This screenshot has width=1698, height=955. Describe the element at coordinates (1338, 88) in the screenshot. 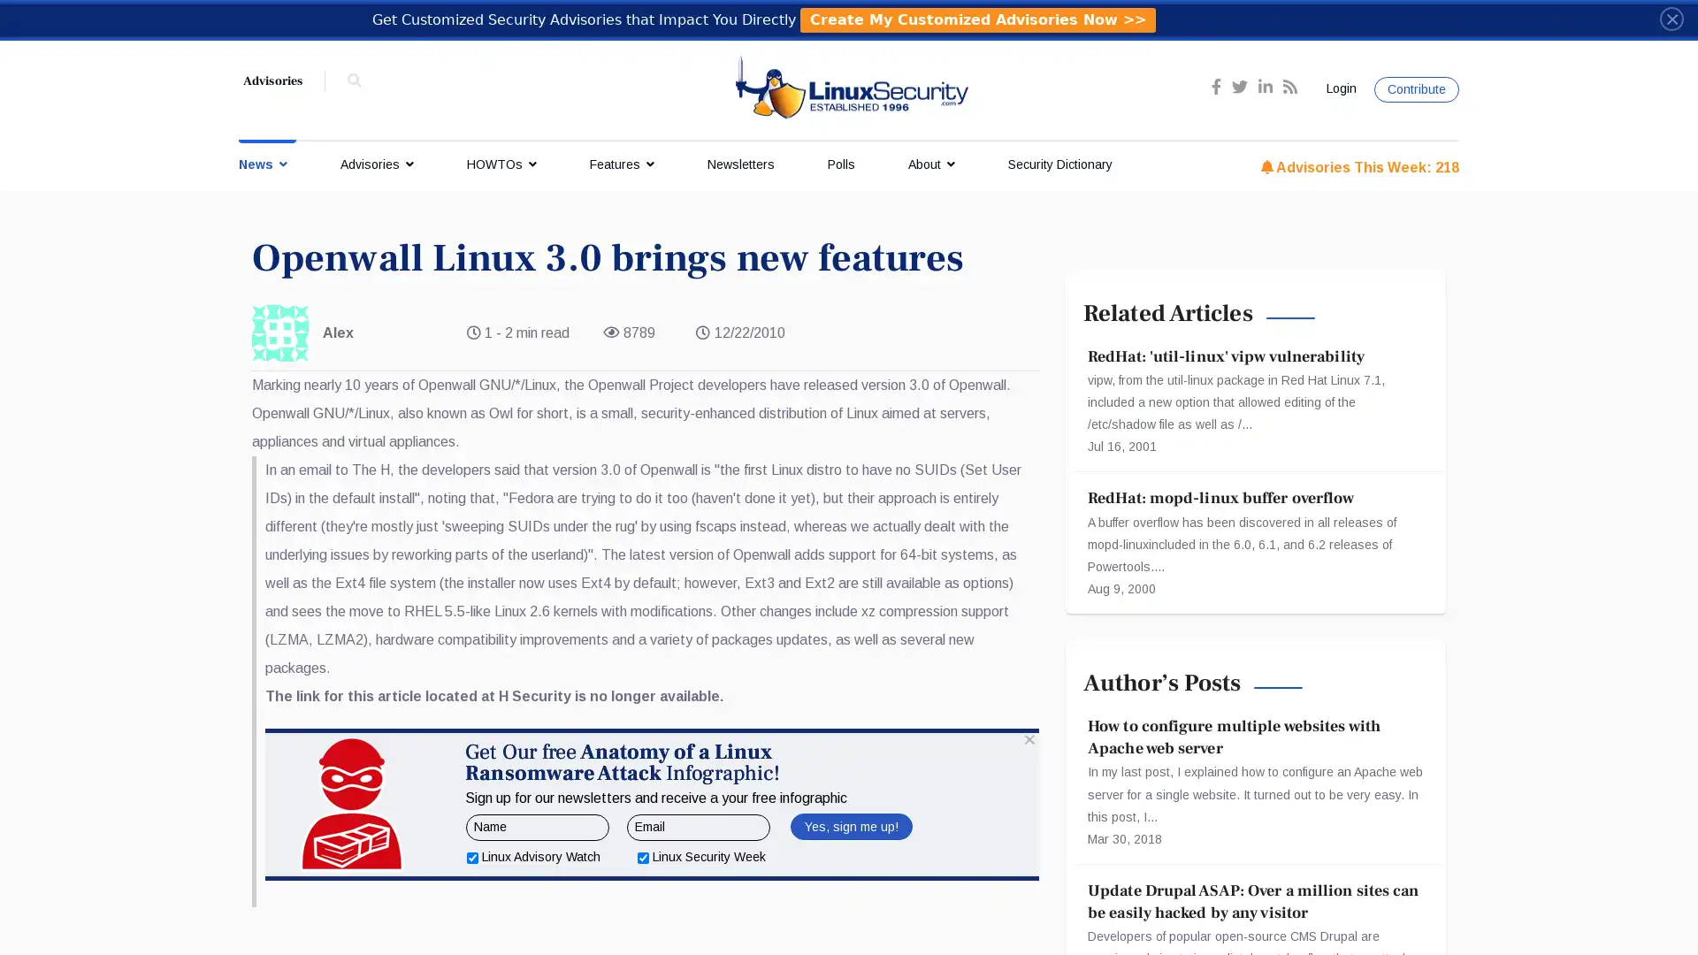

I see `Login` at that location.